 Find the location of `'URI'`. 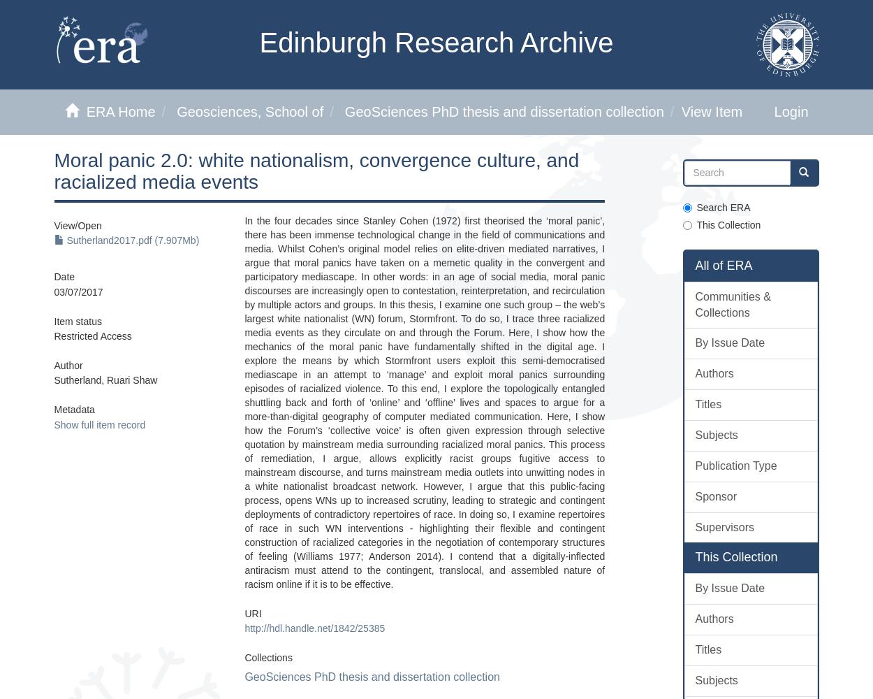

'URI' is located at coordinates (252, 613).